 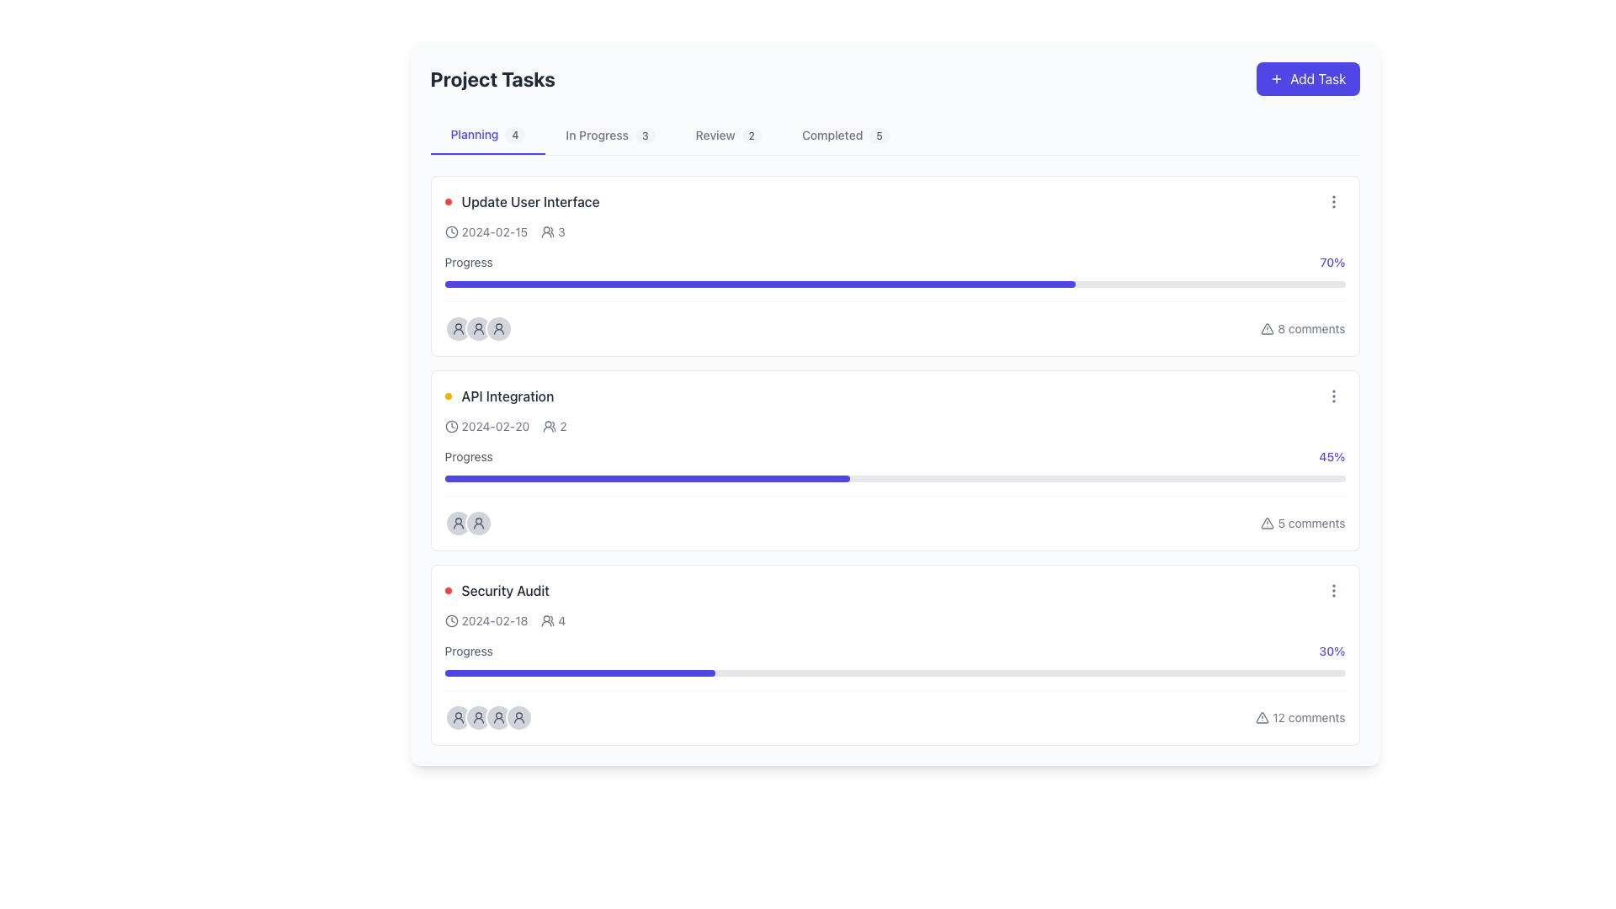 What do you see at coordinates (1332, 590) in the screenshot?
I see `the vertical ellipsis icon in the 'Security Audit' row` at bounding box center [1332, 590].